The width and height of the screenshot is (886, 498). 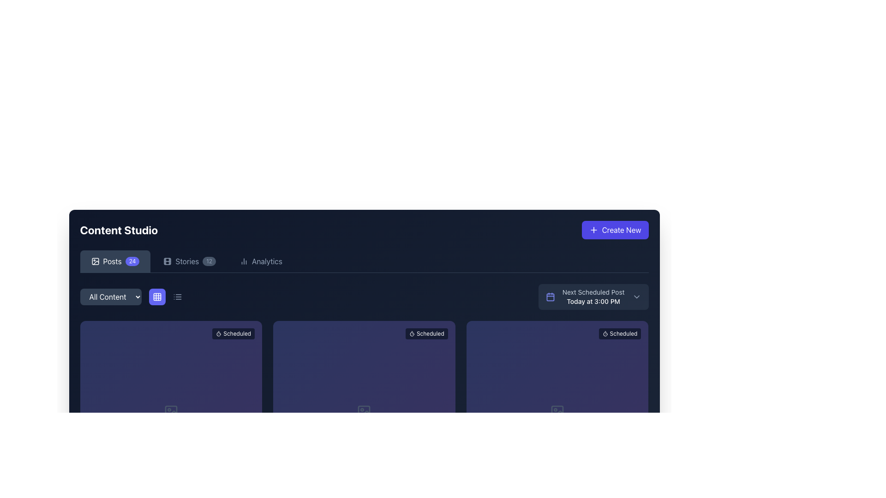 I want to click on the 'Next Scheduled Post' text label, which displays 'Today at 3:00 PM' below it, located in the top-right quadrant of the interface, so click(x=593, y=297).